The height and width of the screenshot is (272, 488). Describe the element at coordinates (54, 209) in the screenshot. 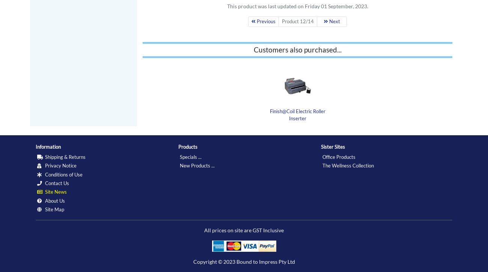

I see `'Site Map'` at that location.